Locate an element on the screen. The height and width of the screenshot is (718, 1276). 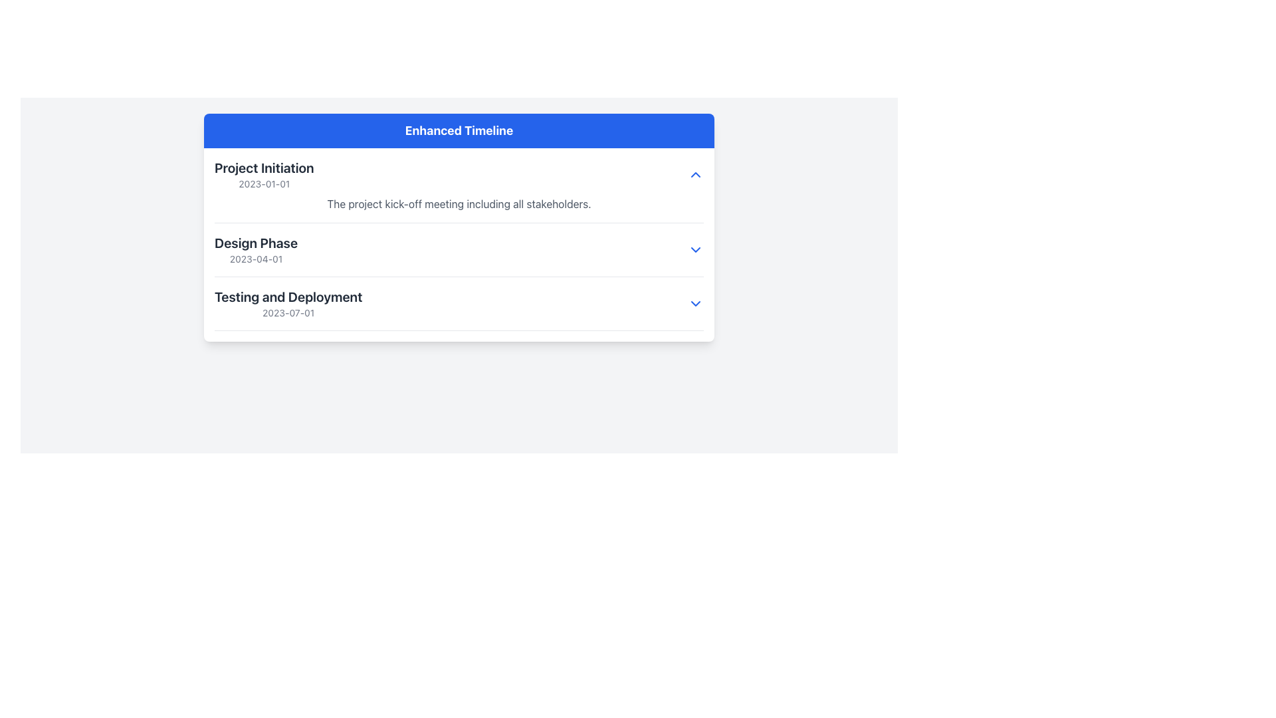
the second header item in the 'Enhanced Timeline' section that represents a phase name and date, positioned between 'Project Initiation' and 'Testing and Deployment' is located at coordinates (256, 249).